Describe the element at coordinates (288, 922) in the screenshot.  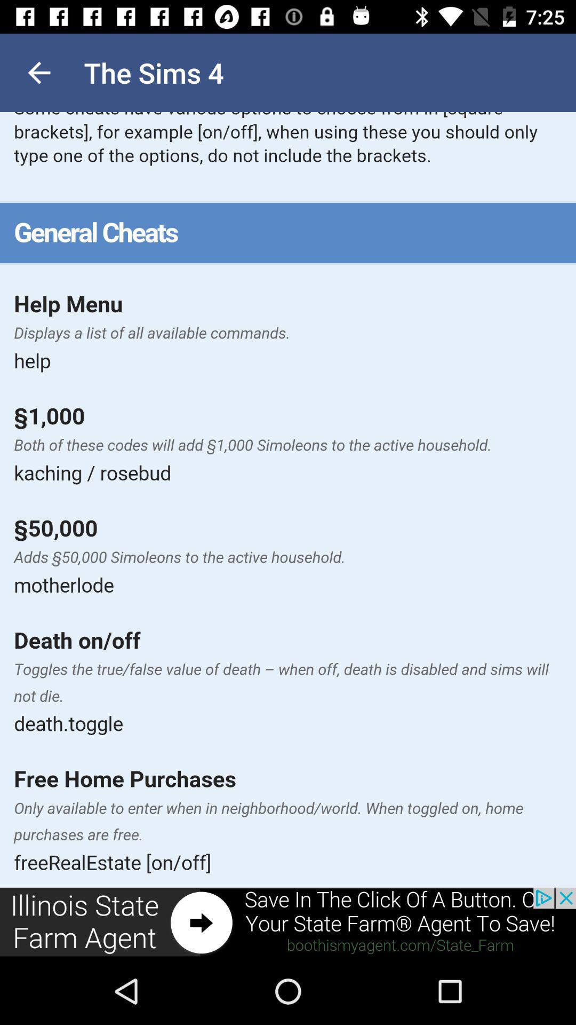
I see `the advertisement` at that location.